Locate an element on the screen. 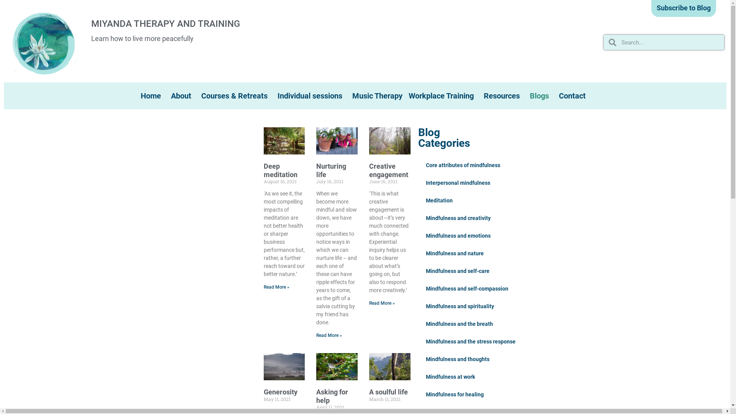  'Mindfulness at work' is located at coordinates (450, 376).